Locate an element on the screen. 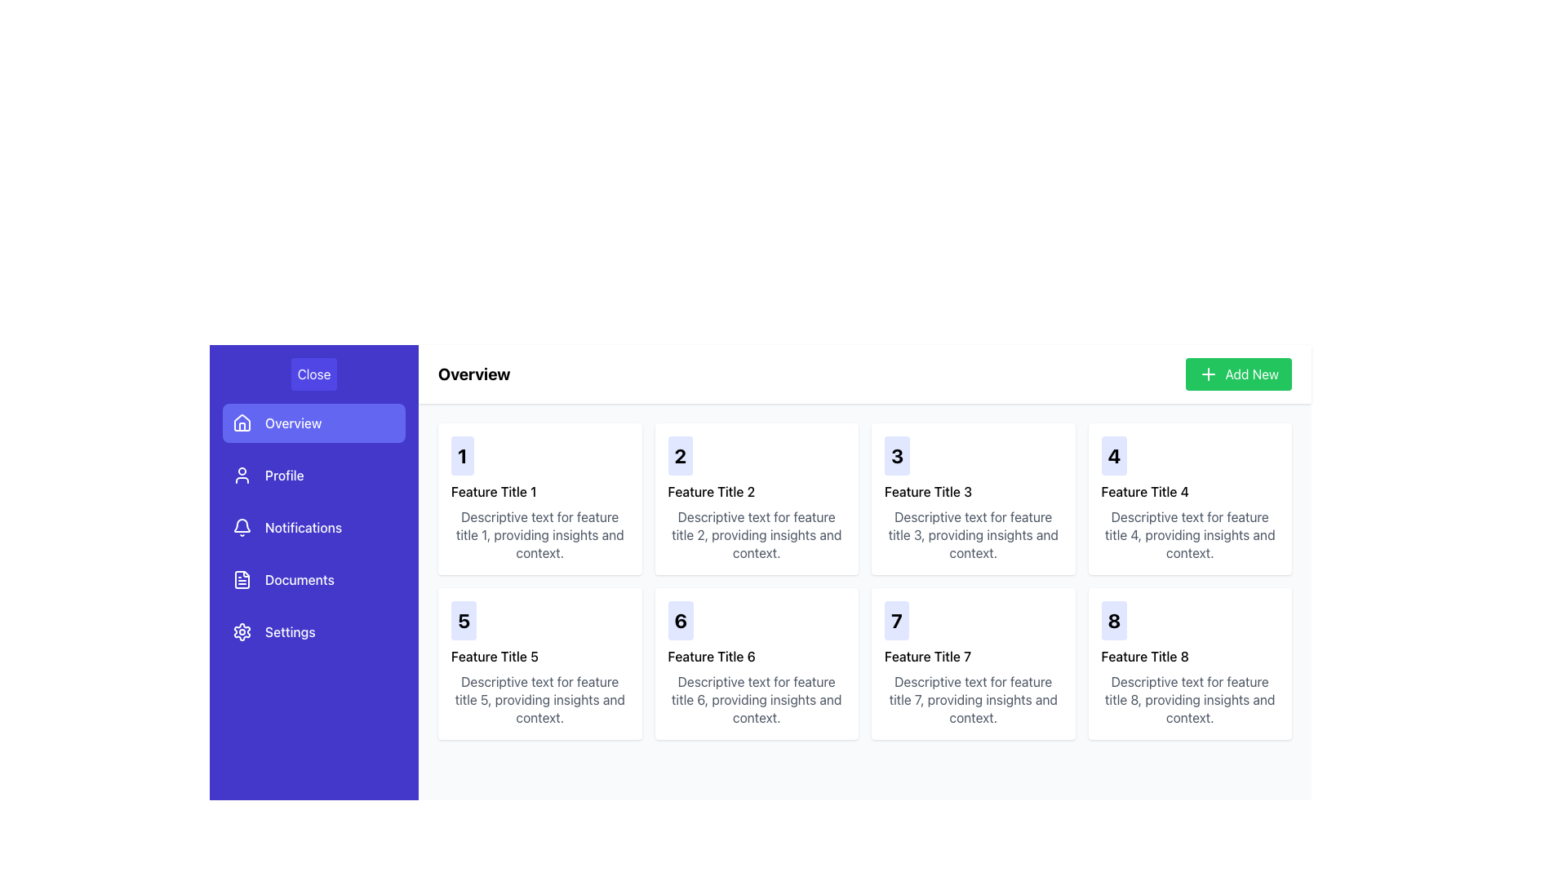  the 'Documents' menu item in the sidebar navigation is located at coordinates (313, 578).